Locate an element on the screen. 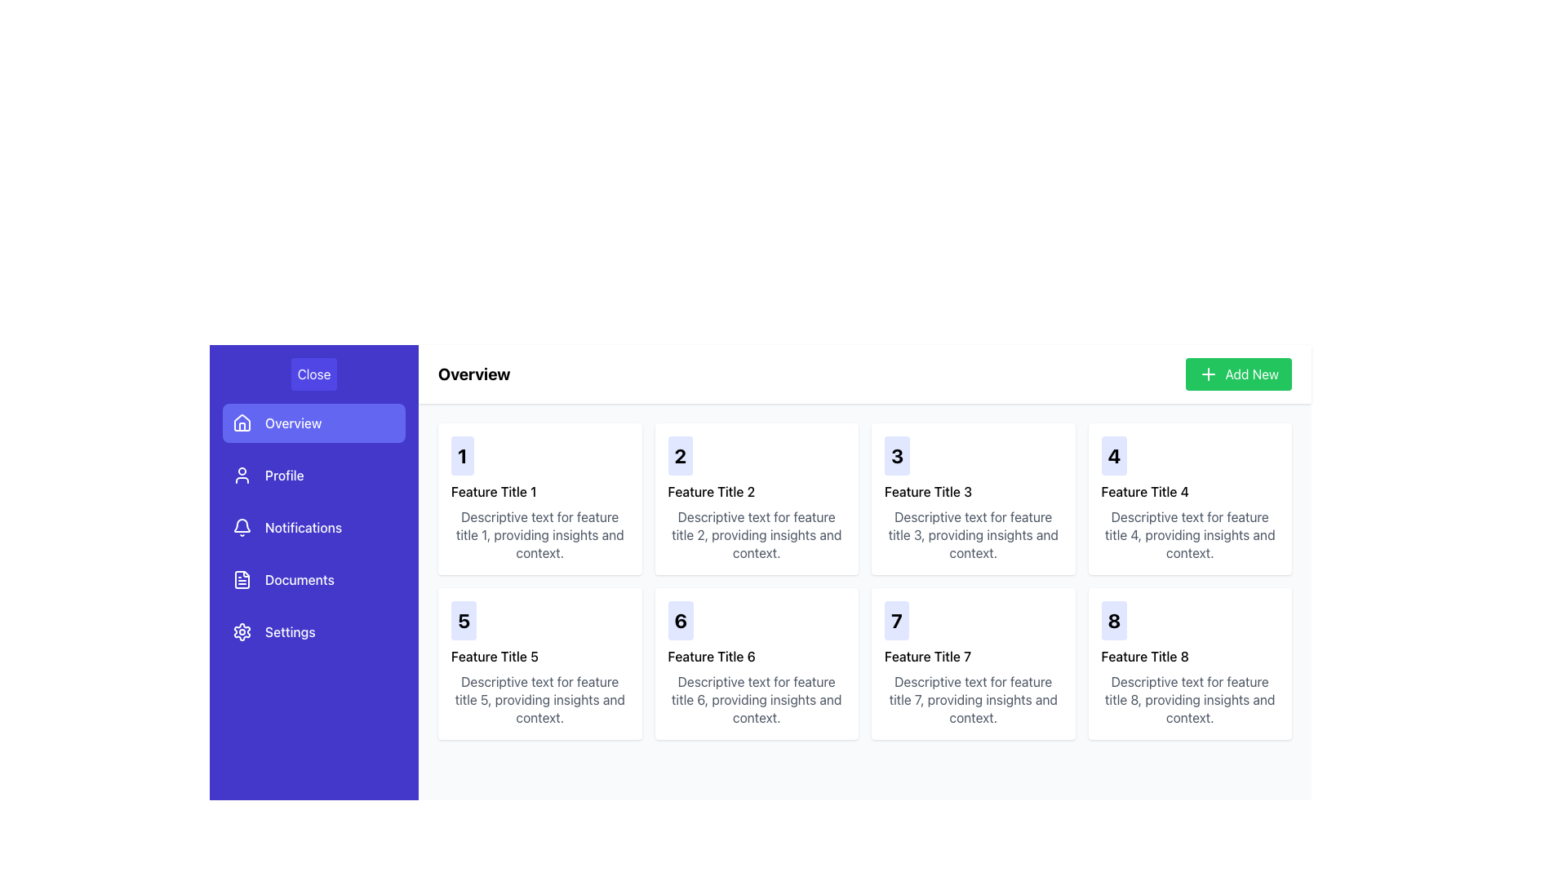  the 'Documents' menu item in the sidebar navigation is located at coordinates (313, 578).